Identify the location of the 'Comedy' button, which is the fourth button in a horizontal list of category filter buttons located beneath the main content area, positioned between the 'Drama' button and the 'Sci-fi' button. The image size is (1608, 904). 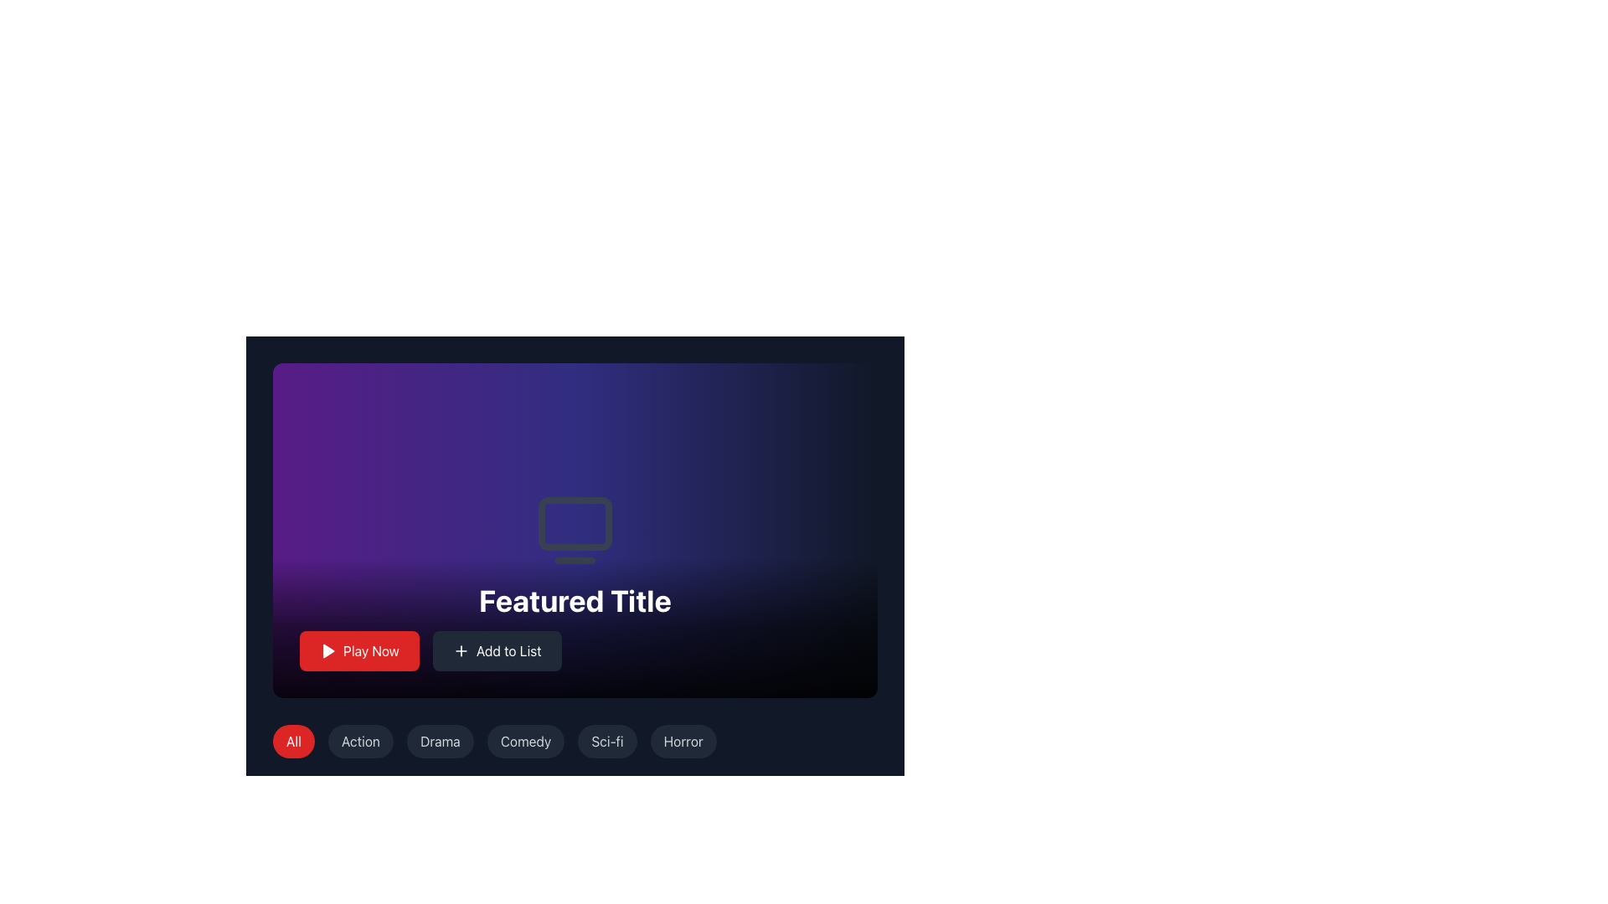
(525, 741).